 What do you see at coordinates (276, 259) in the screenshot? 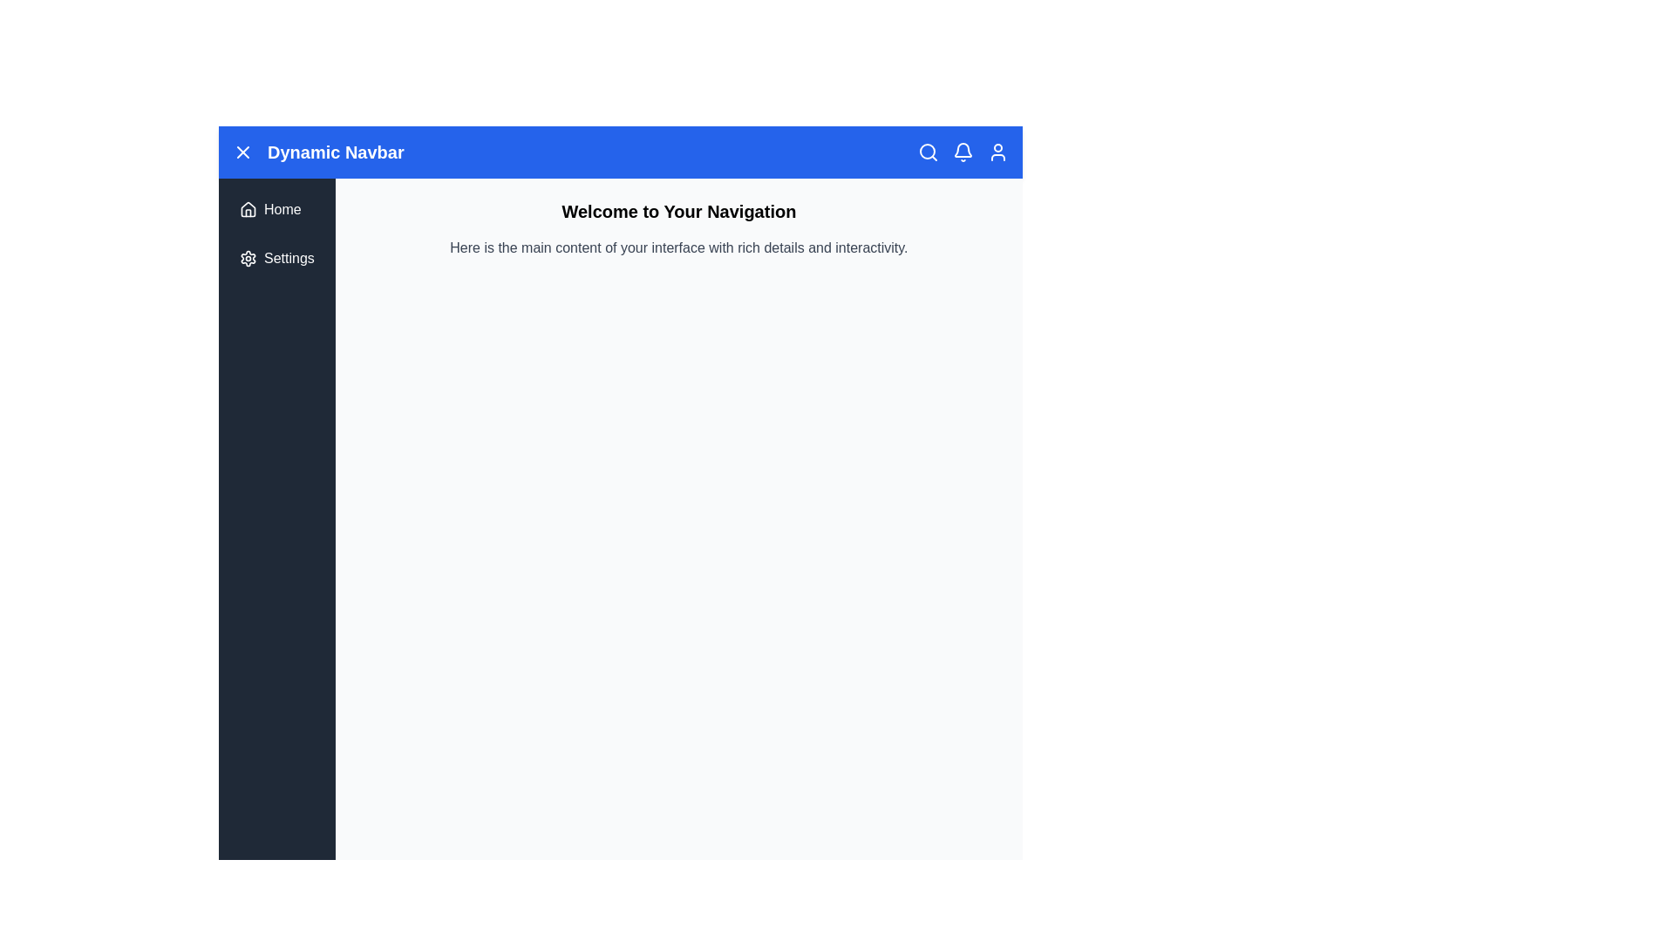
I see `the 'Settings' navigation link, which features a gear-like icon on the left and is highlighted when hovered, located in the vertical navigation bar below 'Home'` at bounding box center [276, 259].